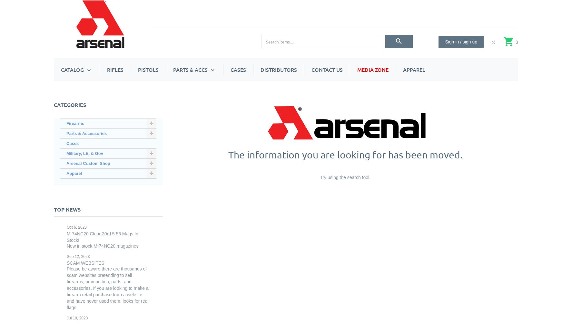 The width and height of the screenshot is (572, 322). I want to click on 'Blank Firing Device', so click(209, 236).